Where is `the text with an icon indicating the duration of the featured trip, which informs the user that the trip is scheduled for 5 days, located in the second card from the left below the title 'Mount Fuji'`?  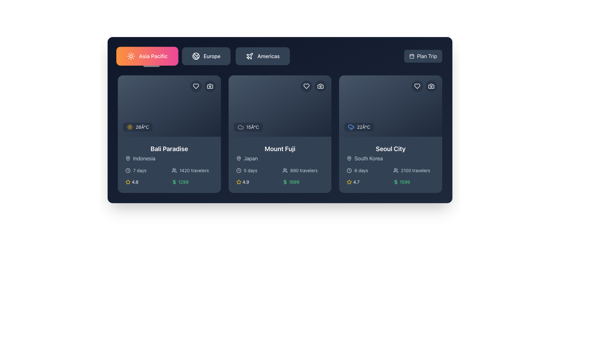 the text with an icon indicating the duration of the featured trip, which informs the user that the trip is scheduled for 5 days, located in the second card from the left below the title 'Mount Fuji' is located at coordinates (257, 170).